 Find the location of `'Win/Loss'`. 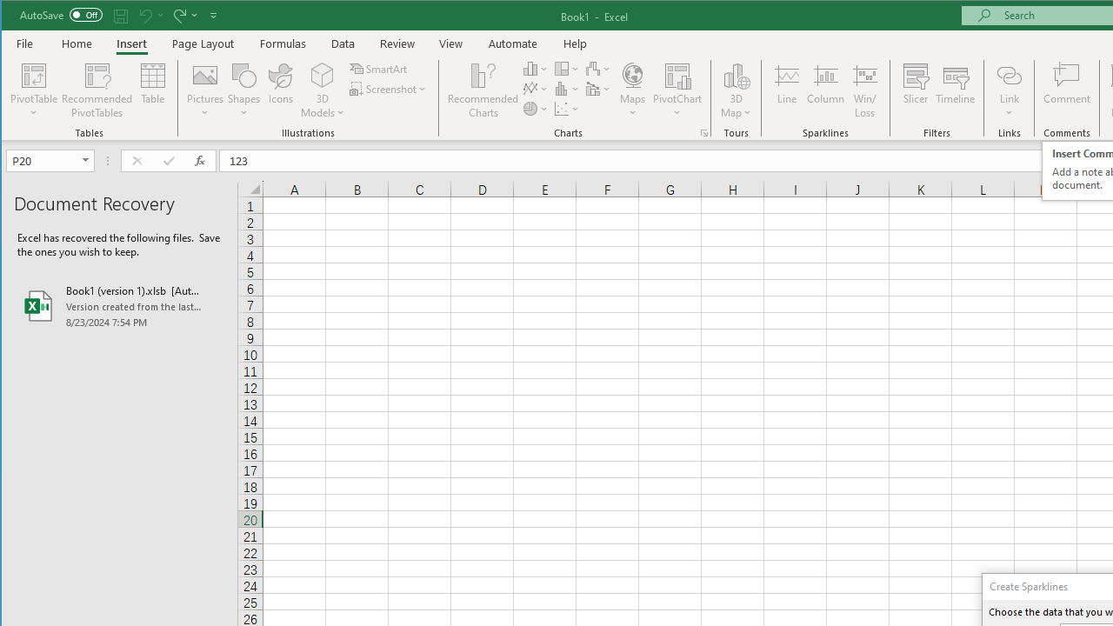

'Win/Loss' is located at coordinates (865, 90).